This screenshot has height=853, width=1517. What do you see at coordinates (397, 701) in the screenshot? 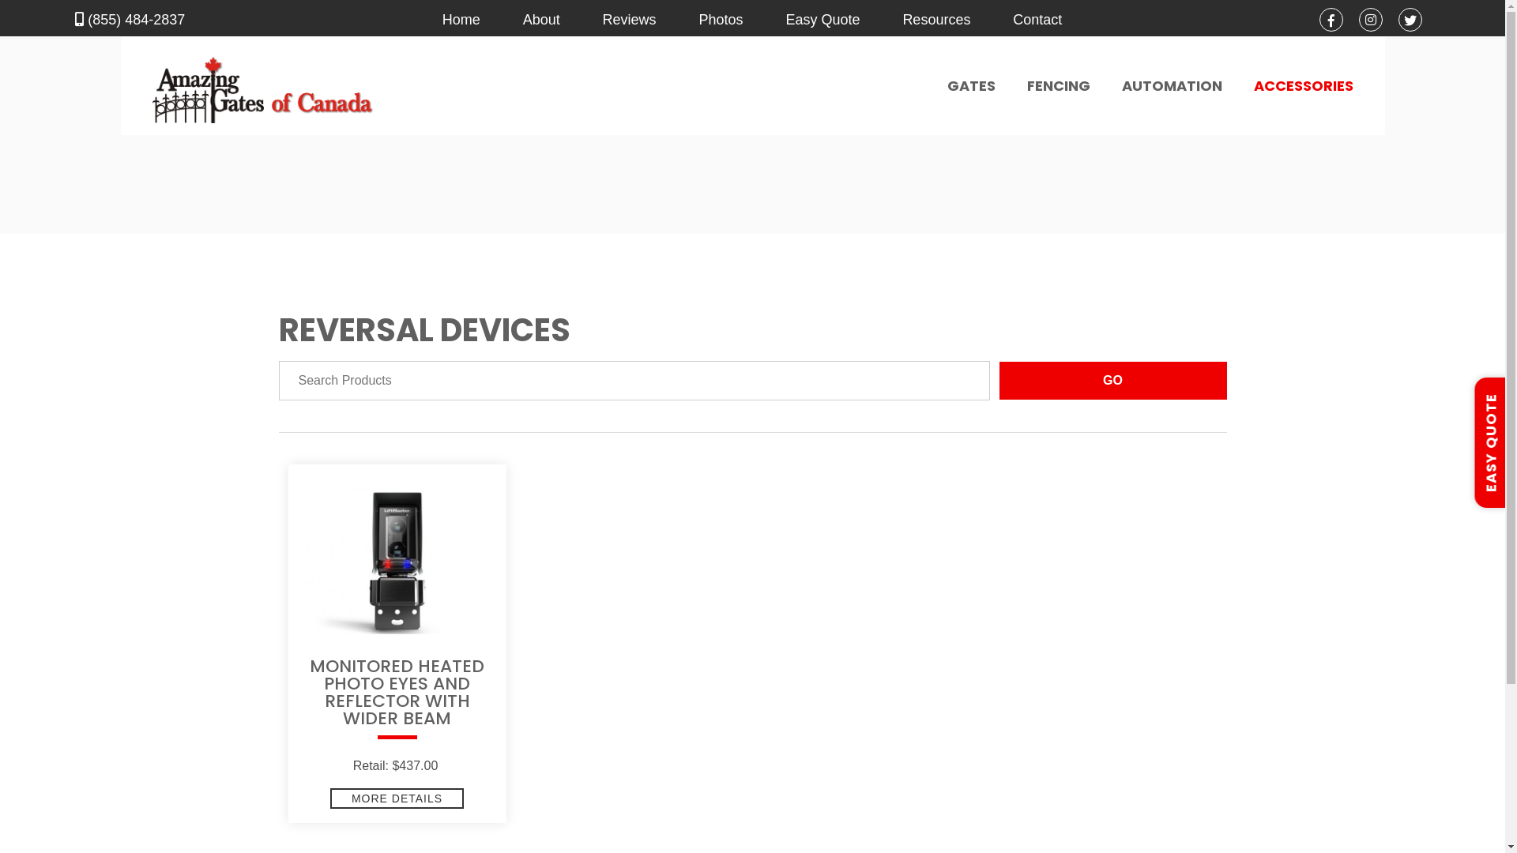
I see `'MONITORED HEATED PHOTO EYES AND REFLECTOR WITH WIDER BEAM'` at bounding box center [397, 701].